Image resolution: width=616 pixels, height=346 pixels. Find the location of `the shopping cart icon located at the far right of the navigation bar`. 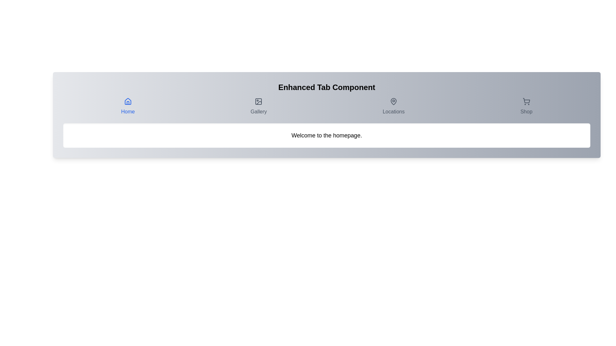

the shopping cart icon located at the far right of the navigation bar is located at coordinates (526, 101).